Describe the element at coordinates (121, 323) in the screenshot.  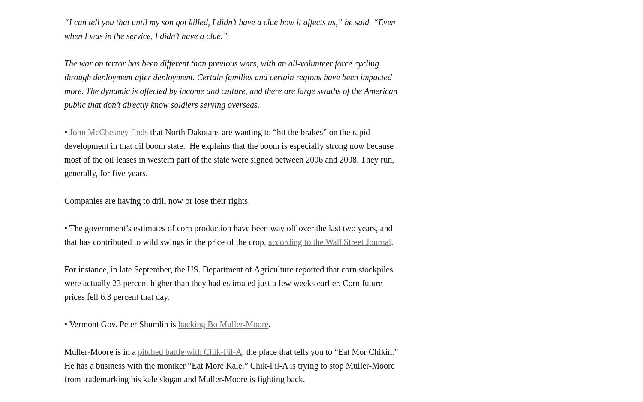
I see `'• Vermont Gov. Peter Shumlin is'` at that location.